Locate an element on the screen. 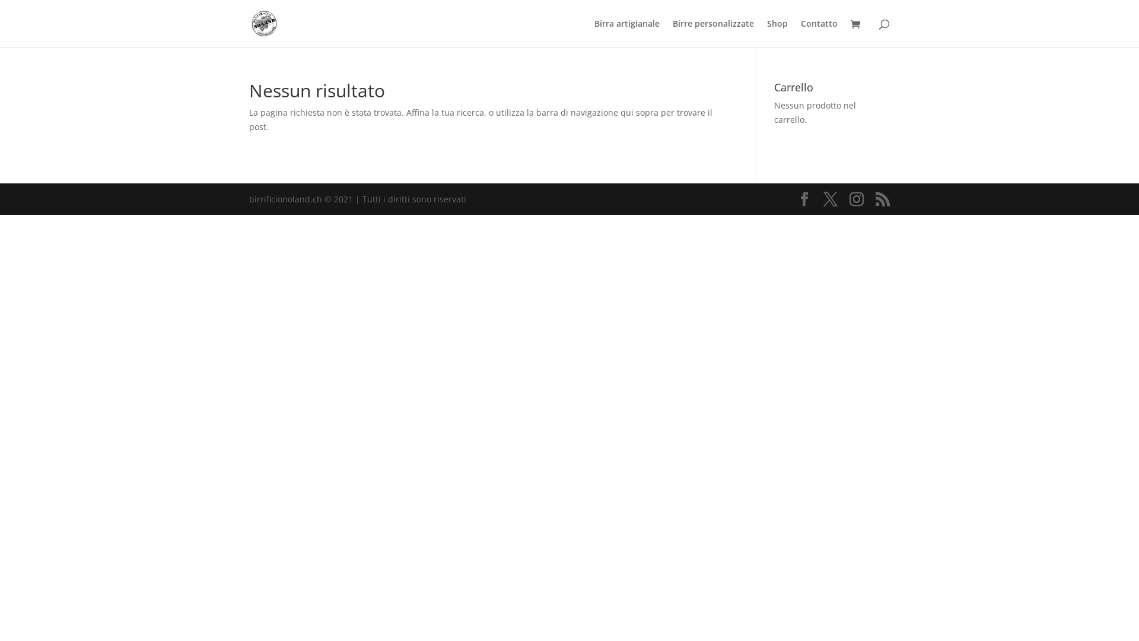  'Contatto' is located at coordinates (819, 33).